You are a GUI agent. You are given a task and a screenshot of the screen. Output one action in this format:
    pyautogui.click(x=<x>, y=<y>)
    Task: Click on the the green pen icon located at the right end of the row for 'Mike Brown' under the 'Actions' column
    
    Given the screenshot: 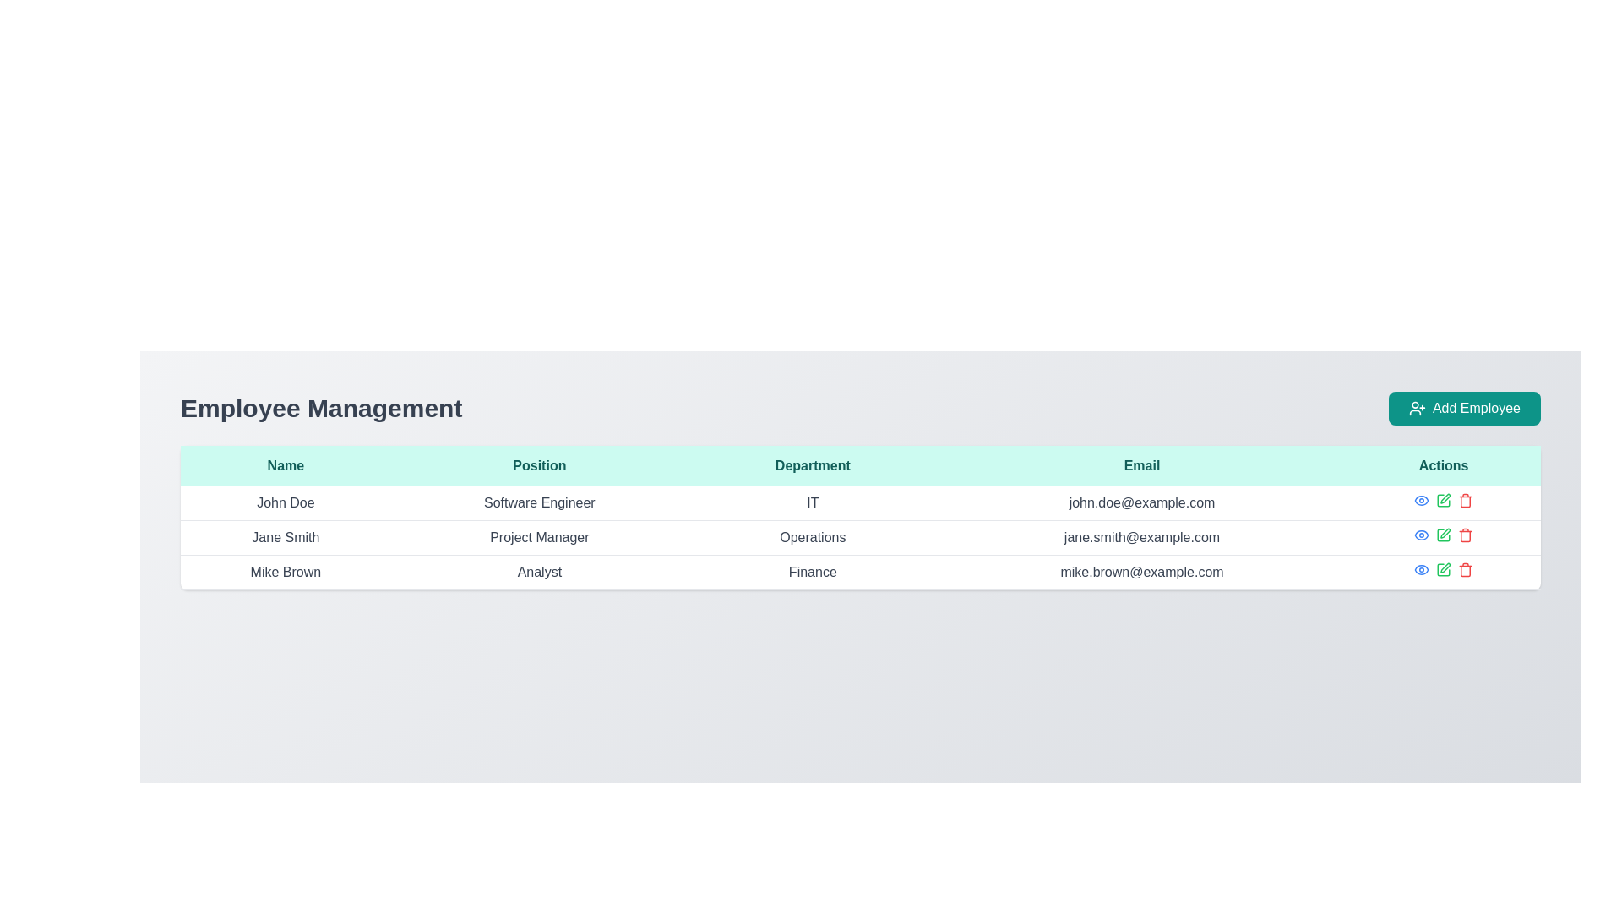 What is the action you would take?
    pyautogui.click(x=1443, y=570)
    